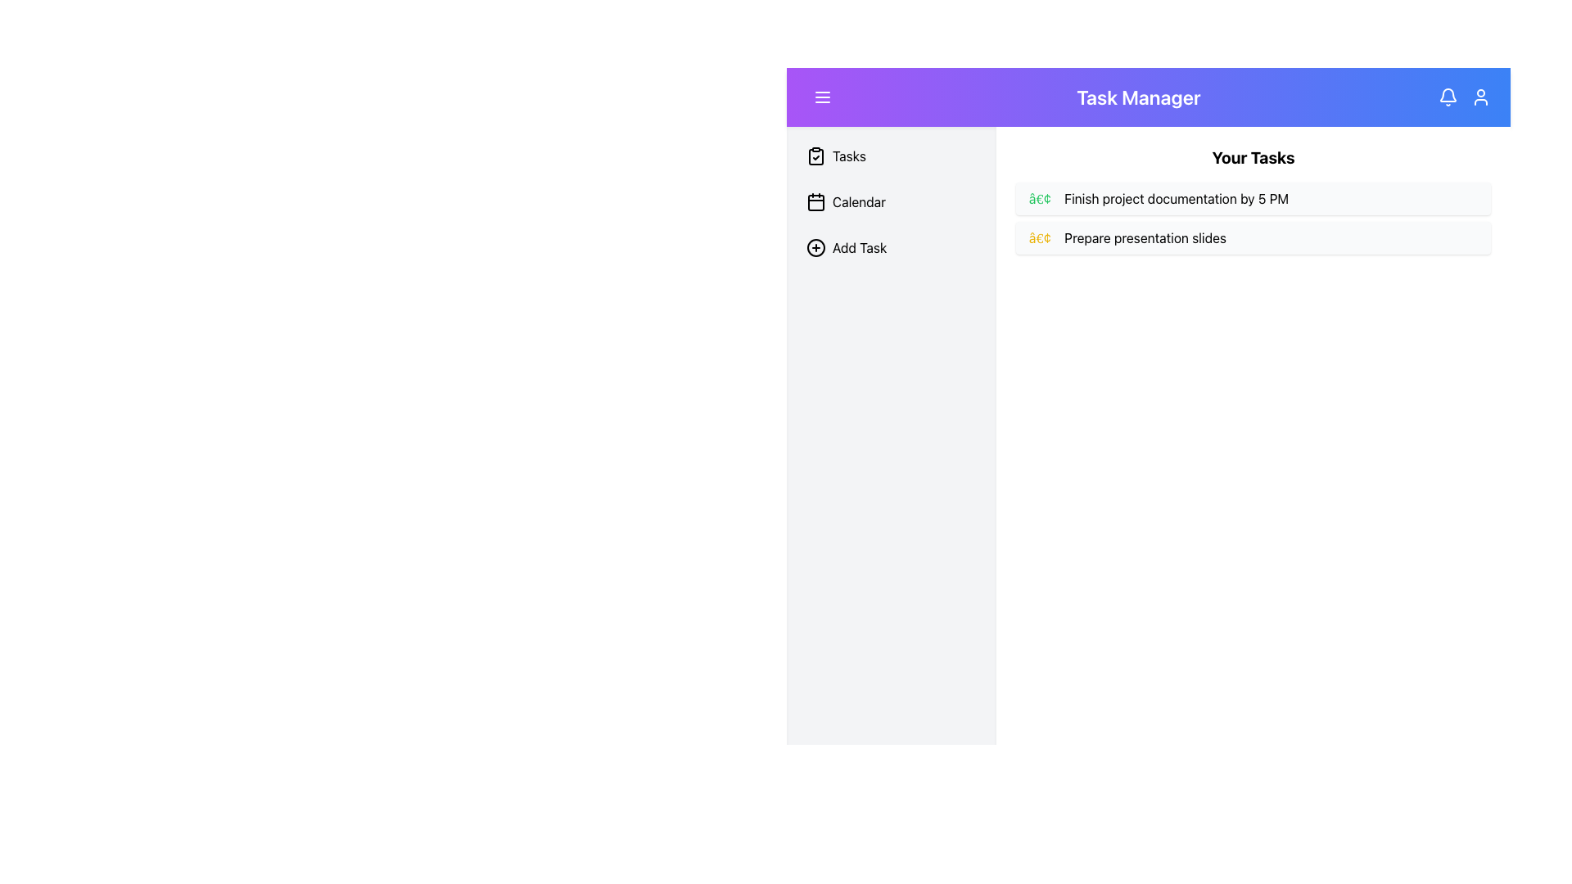  Describe the element at coordinates (1448, 95) in the screenshot. I see `the bell-like notification icon located at the top-right corner of the main interface toolbar` at that location.